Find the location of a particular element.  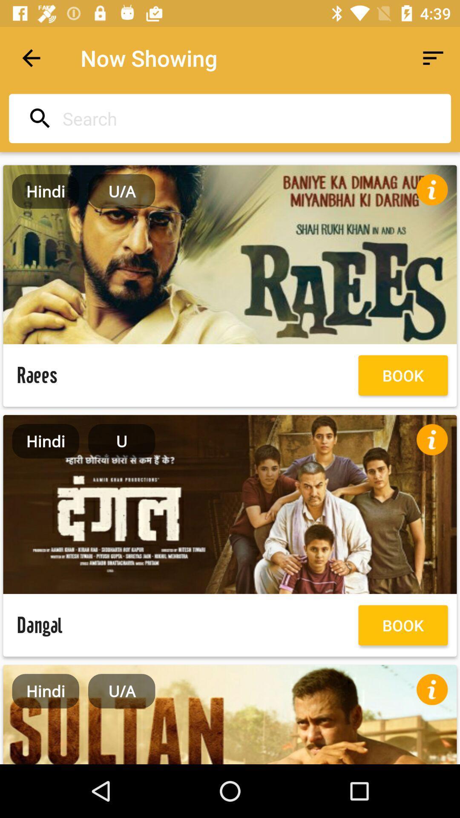

show info is located at coordinates (432, 189).